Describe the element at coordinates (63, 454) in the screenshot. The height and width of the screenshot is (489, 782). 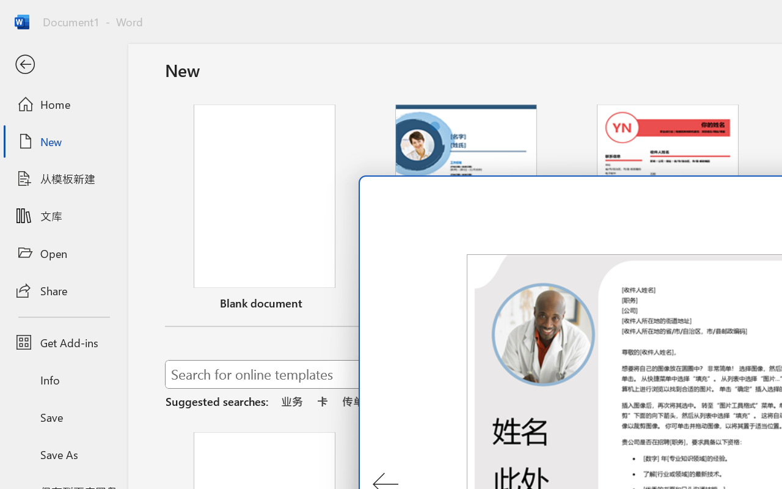
I see `'Save As'` at that location.